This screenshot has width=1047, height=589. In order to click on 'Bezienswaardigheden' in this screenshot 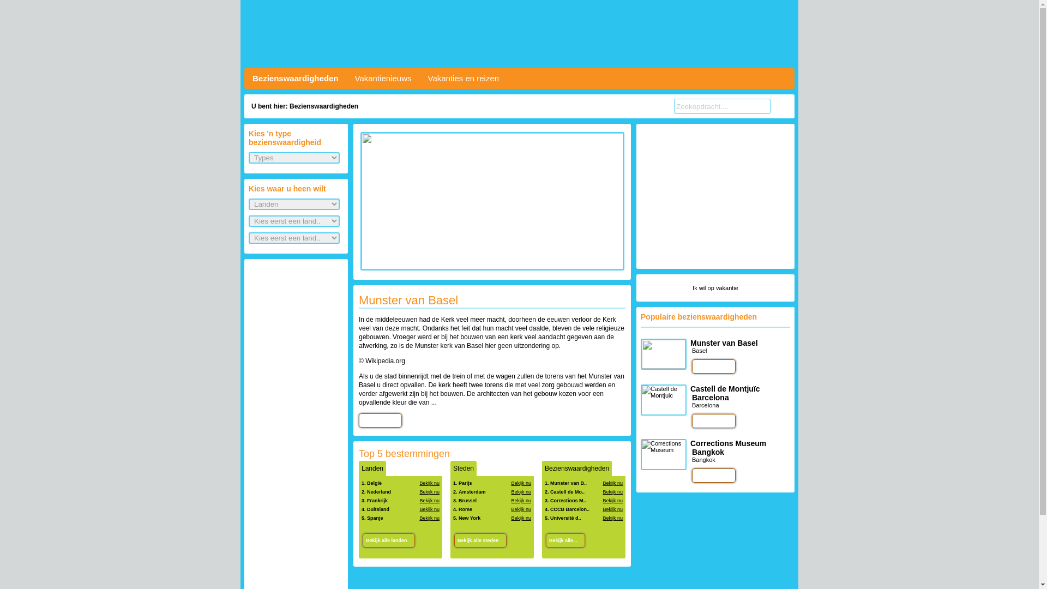, I will do `click(296, 77)`.